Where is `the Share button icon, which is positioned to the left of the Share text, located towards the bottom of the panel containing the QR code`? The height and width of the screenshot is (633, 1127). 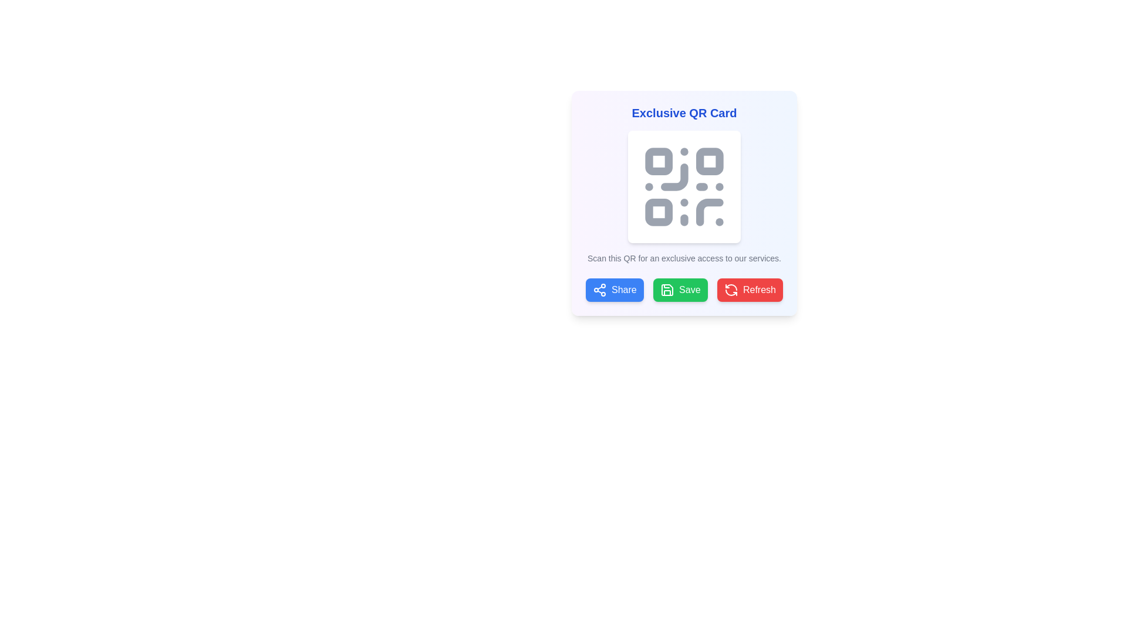
the Share button icon, which is positioned to the left of the Share text, located towards the bottom of the panel containing the QR code is located at coordinates (600, 290).